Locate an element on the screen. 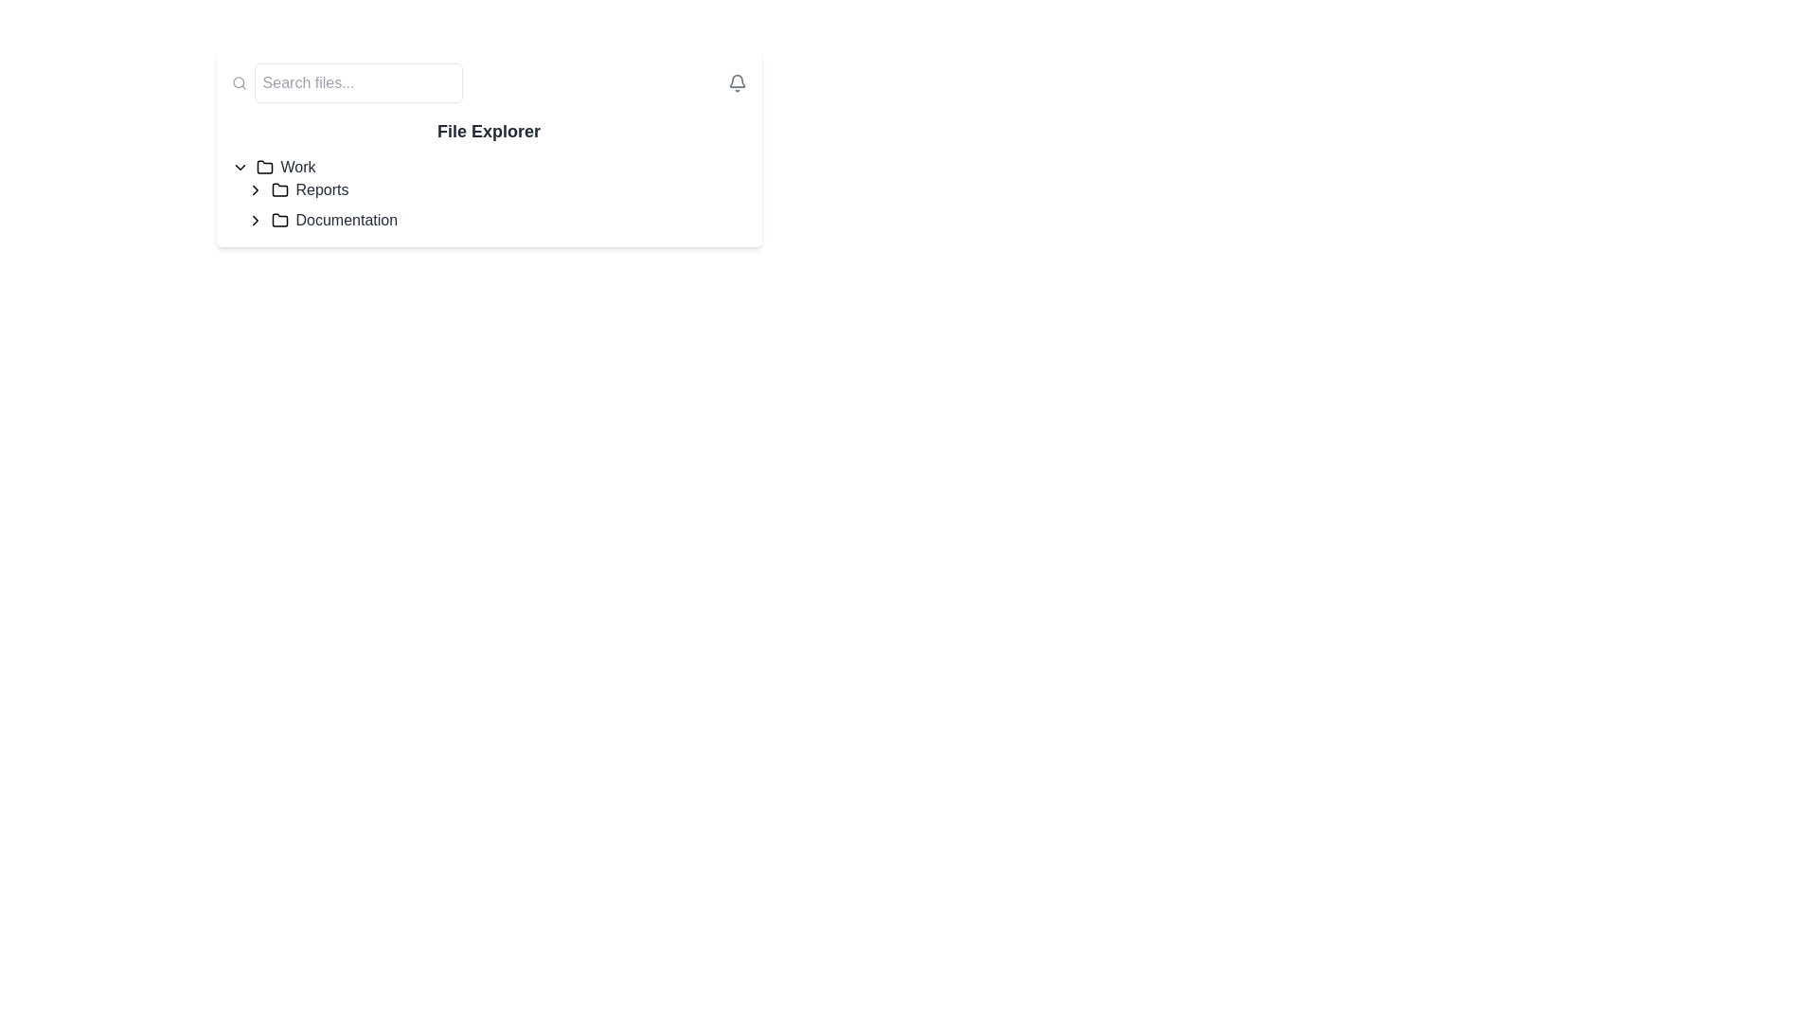 The height and width of the screenshot is (1023, 1818). the search icon by clicking on the circle component of the magnifying glass located in the top-left corner of the file explorer interface is located at coordinates (237, 81).